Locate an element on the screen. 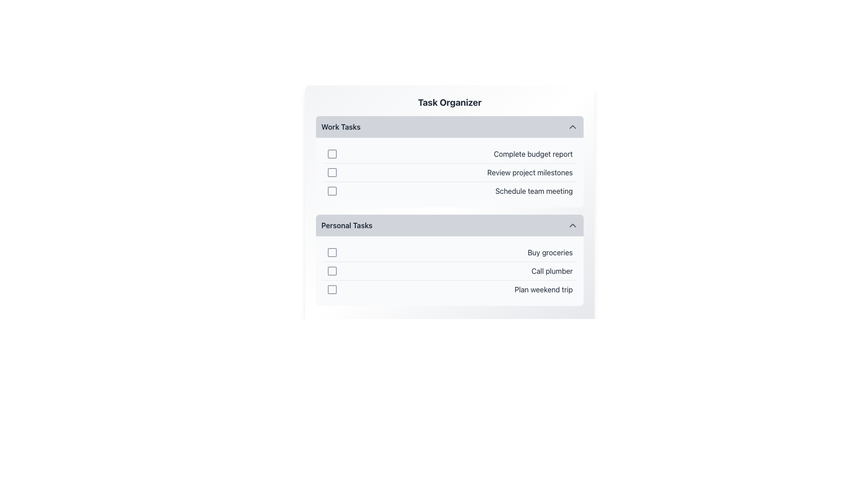 Image resolution: width=868 pixels, height=488 pixels. the checklist item for 'Plan weekend trip' is located at coordinates (449, 289).